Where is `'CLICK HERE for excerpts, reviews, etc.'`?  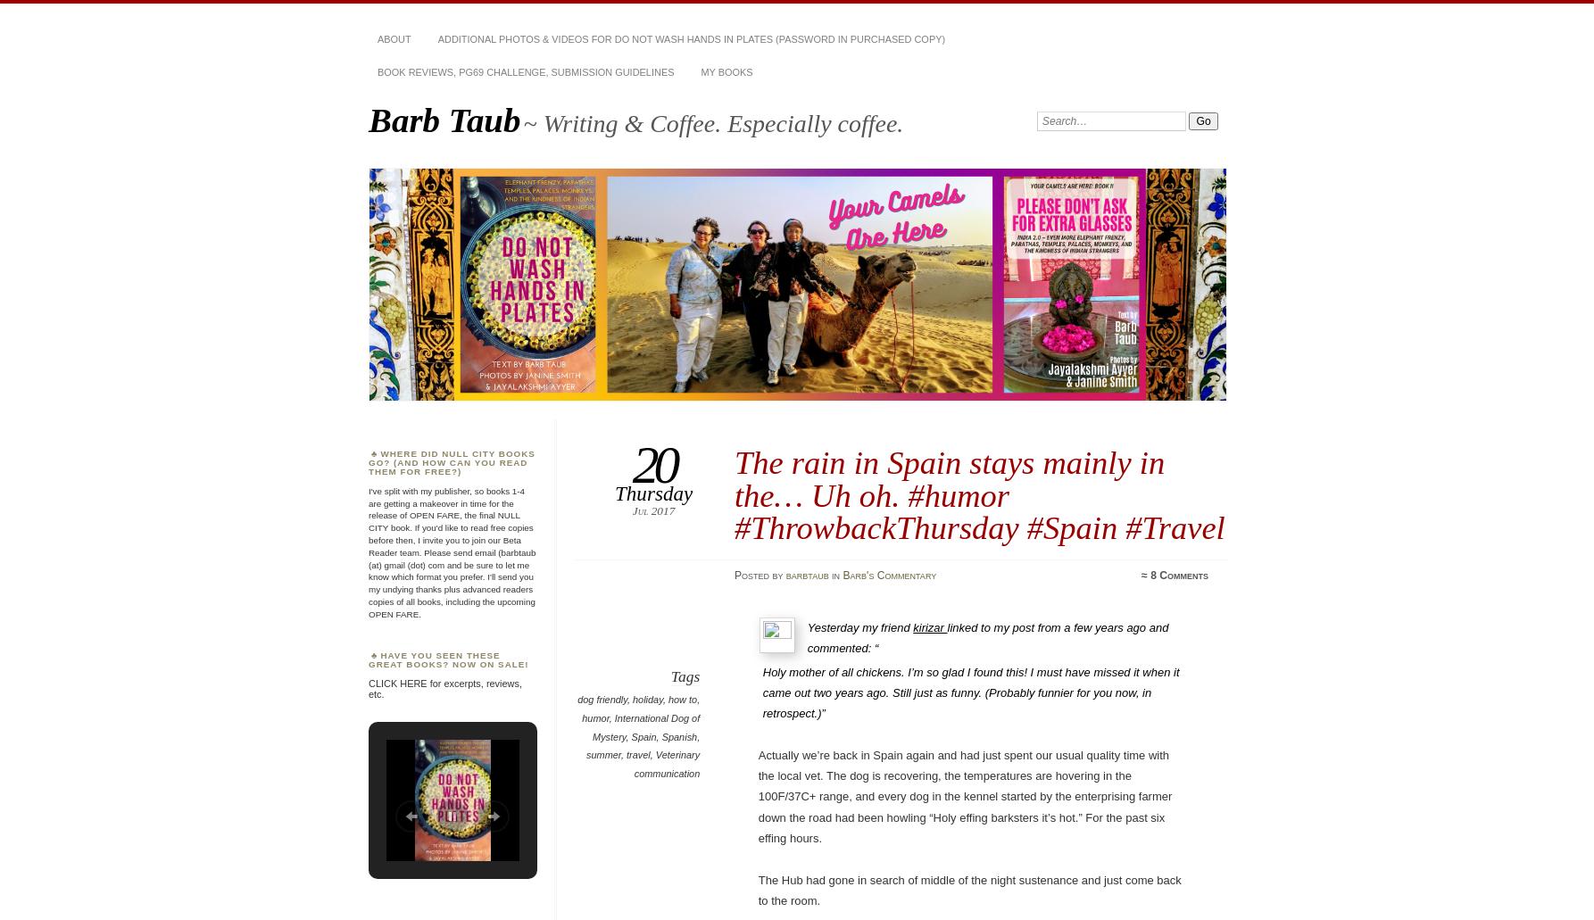 'CLICK HERE for excerpts, reviews, etc.' is located at coordinates (444, 688).